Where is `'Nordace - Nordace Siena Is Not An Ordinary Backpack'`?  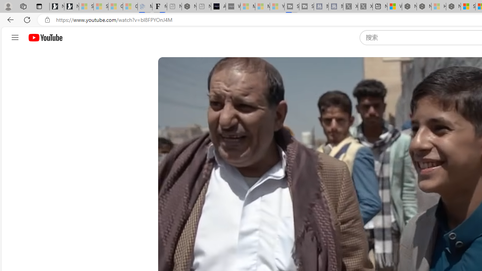 'Nordace - Nordace Siena Is Not An Ordinary Backpack' is located at coordinates (453, 6).